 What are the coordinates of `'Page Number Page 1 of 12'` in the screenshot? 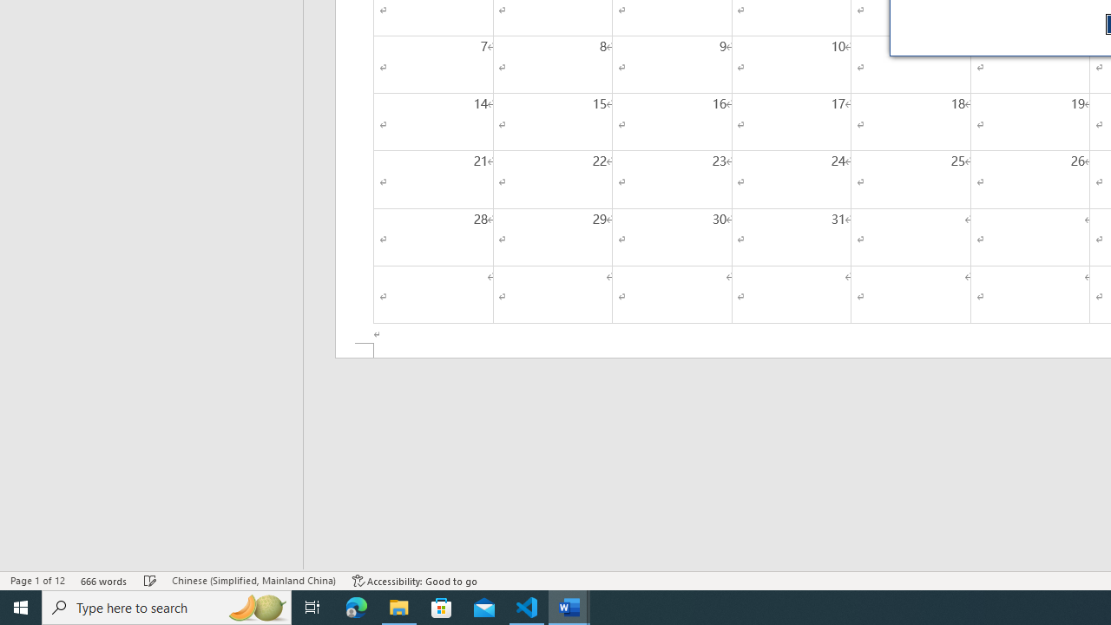 It's located at (37, 581).